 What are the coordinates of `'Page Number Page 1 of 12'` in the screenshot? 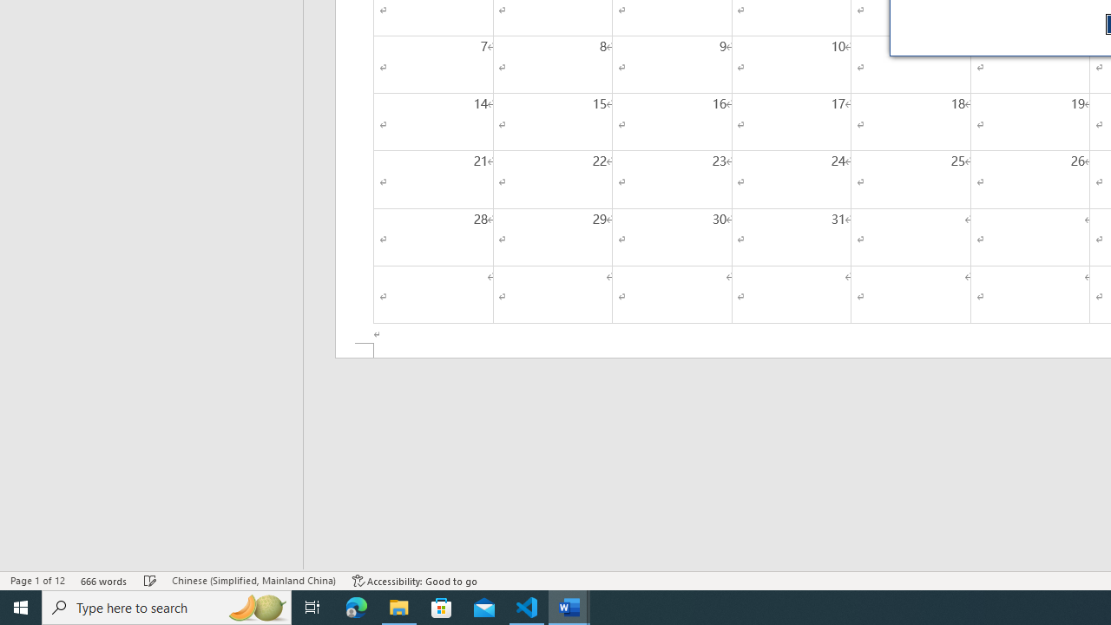 It's located at (37, 581).